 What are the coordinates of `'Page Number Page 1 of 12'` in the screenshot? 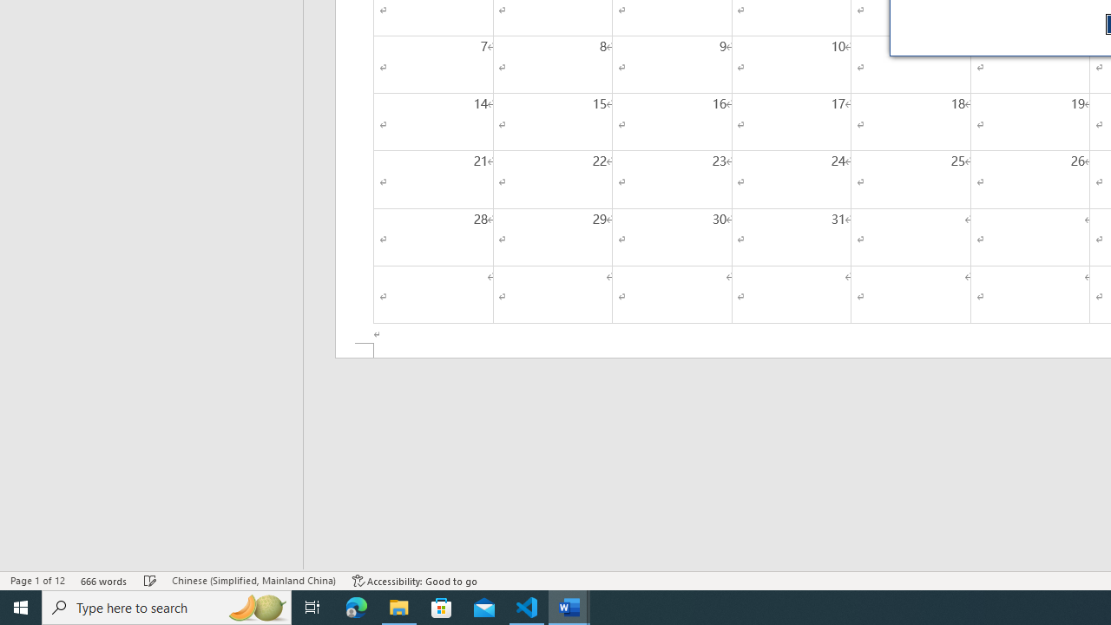 It's located at (37, 581).